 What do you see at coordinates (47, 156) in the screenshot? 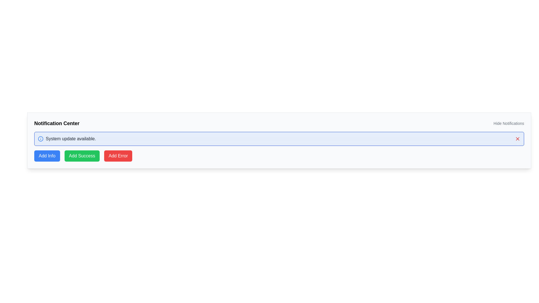
I see `the 'Add Info' button, which is a rectangular button with rounded corners, filled with blue color and labeled in bold white text` at bounding box center [47, 156].